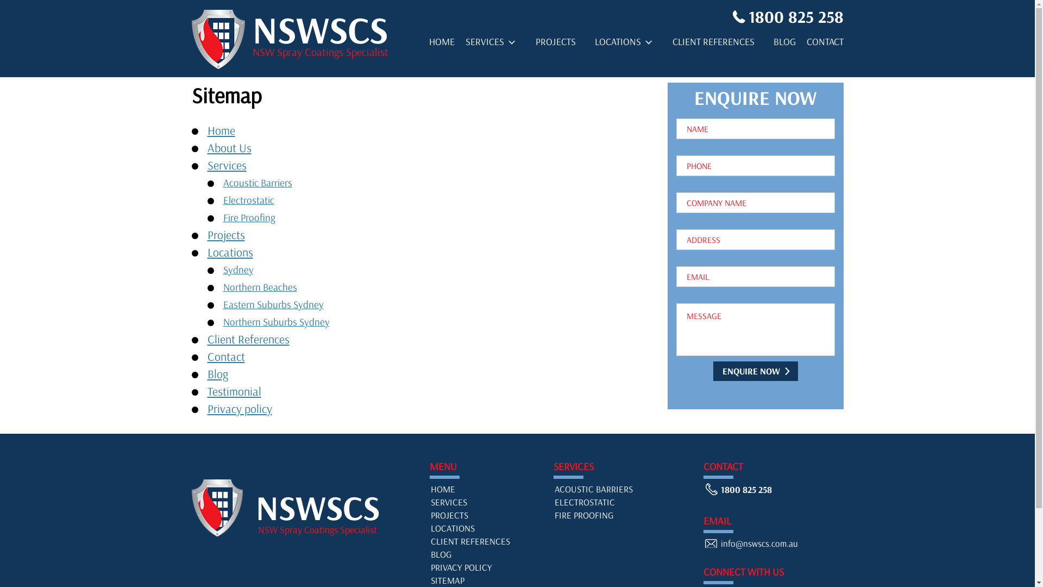  I want to click on 'Northern Beaches', so click(266, 286).